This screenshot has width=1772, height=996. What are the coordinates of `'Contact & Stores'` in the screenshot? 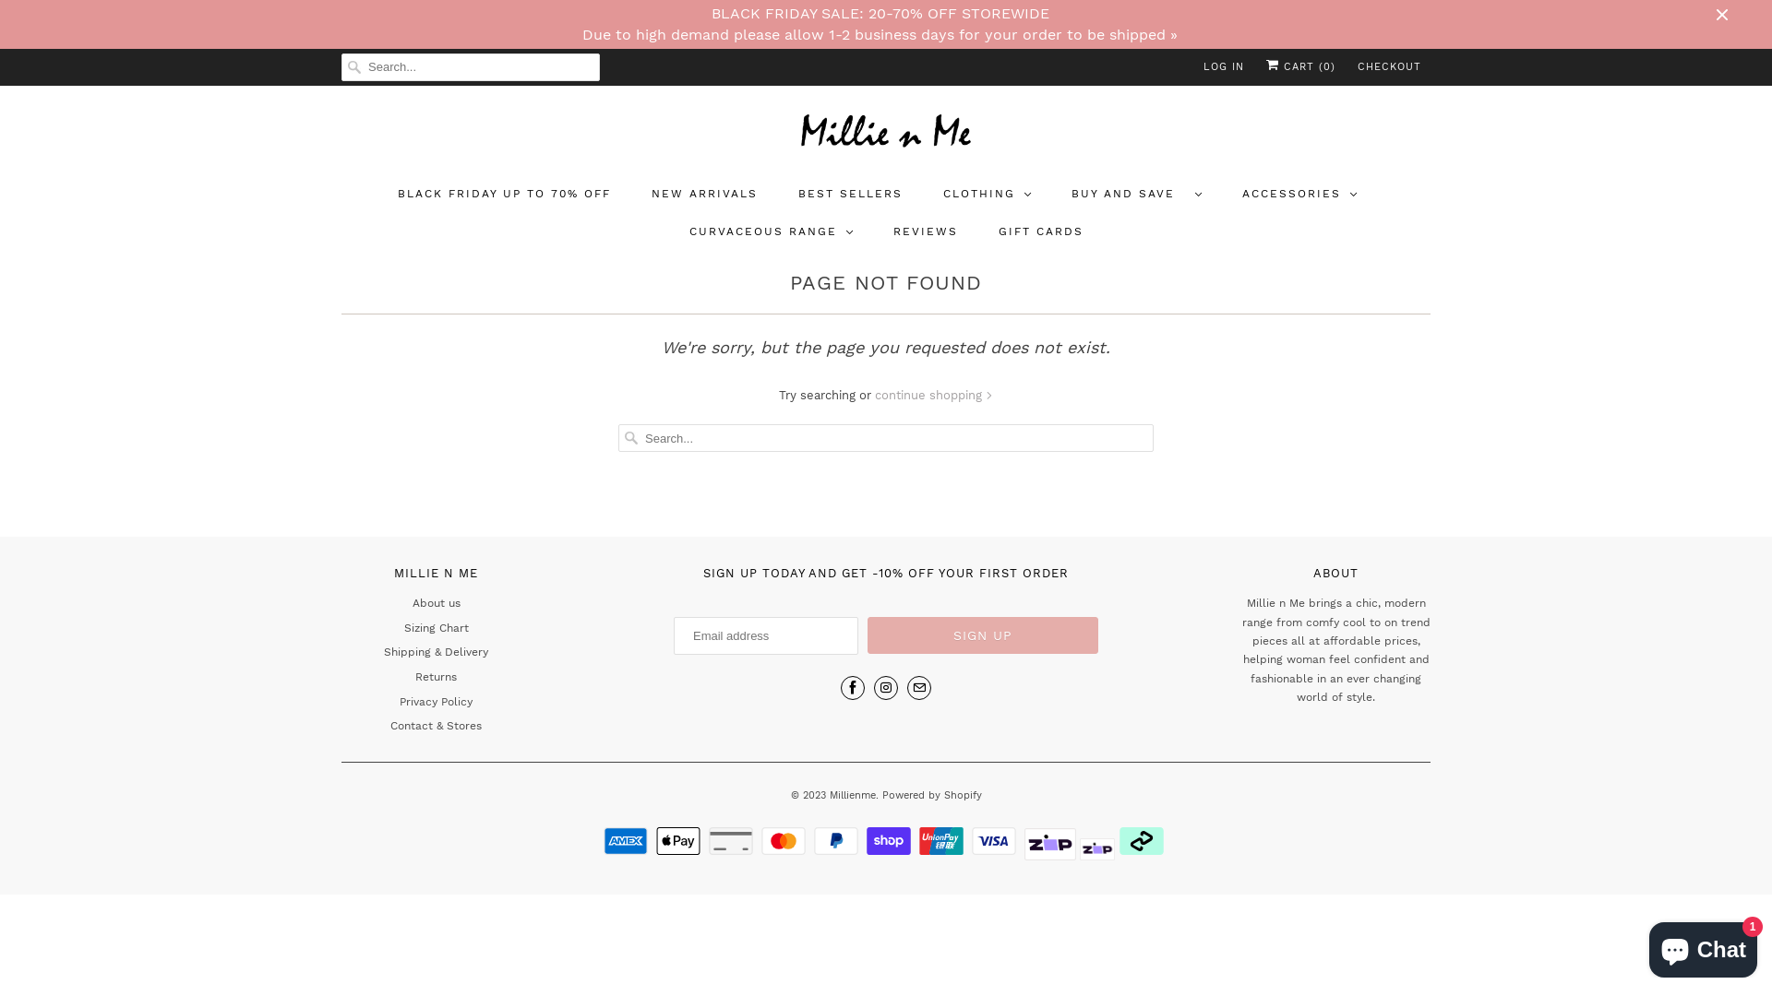 It's located at (435, 724).